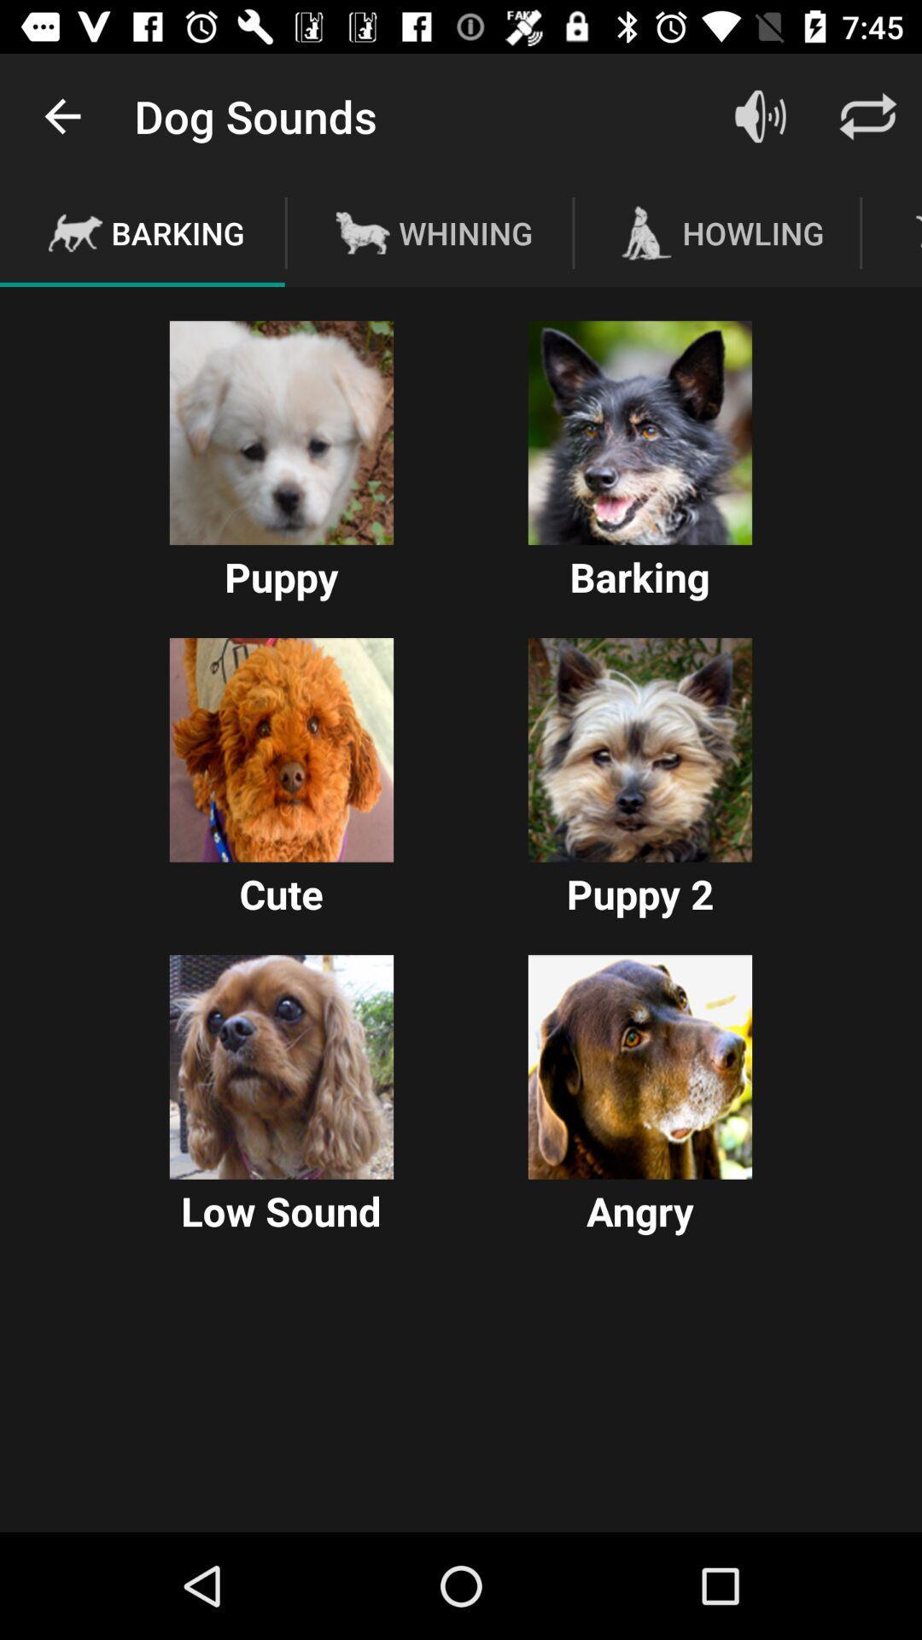 The width and height of the screenshot is (922, 1640). I want to click on choose puppy bark, so click(281, 433).